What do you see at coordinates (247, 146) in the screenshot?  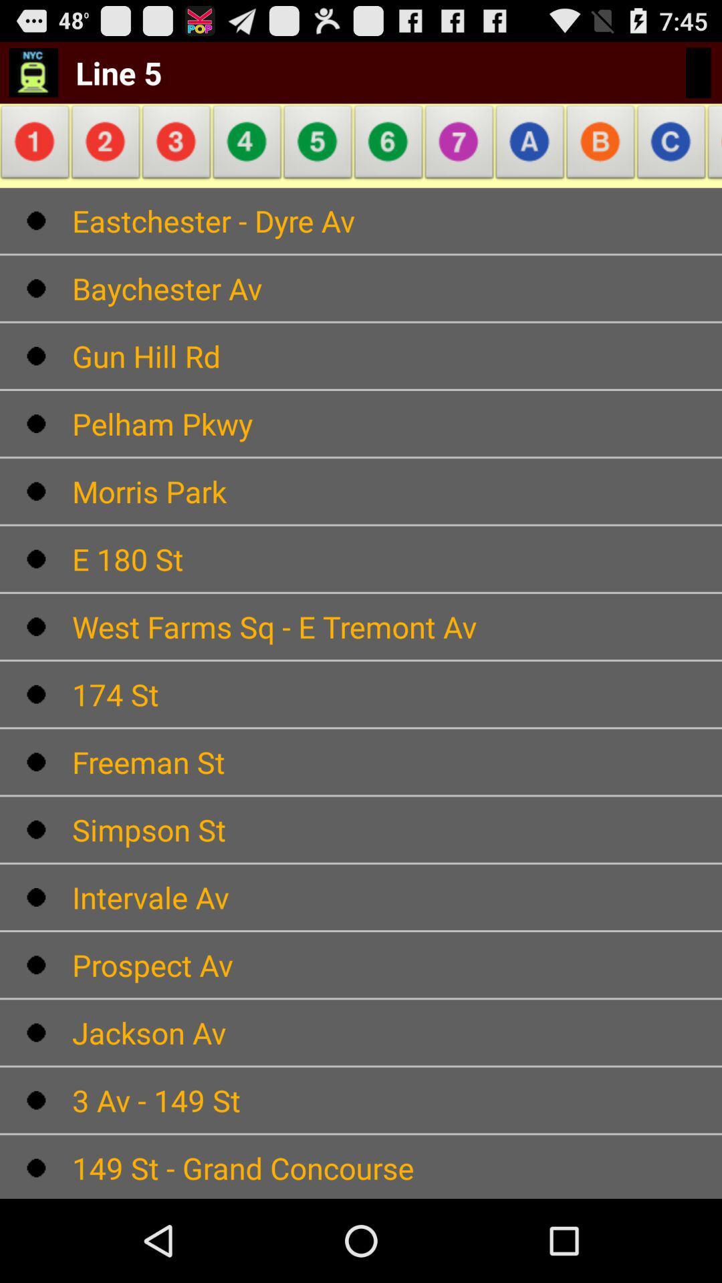 I see `the icon above eastchester - dyre av icon` at bounding box center [247, 146].